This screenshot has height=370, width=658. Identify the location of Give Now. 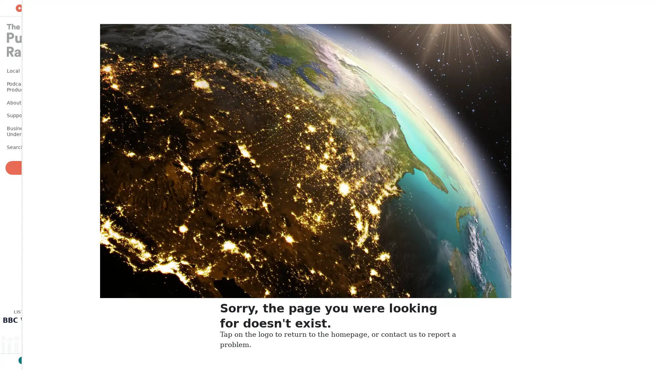
(34, 168).